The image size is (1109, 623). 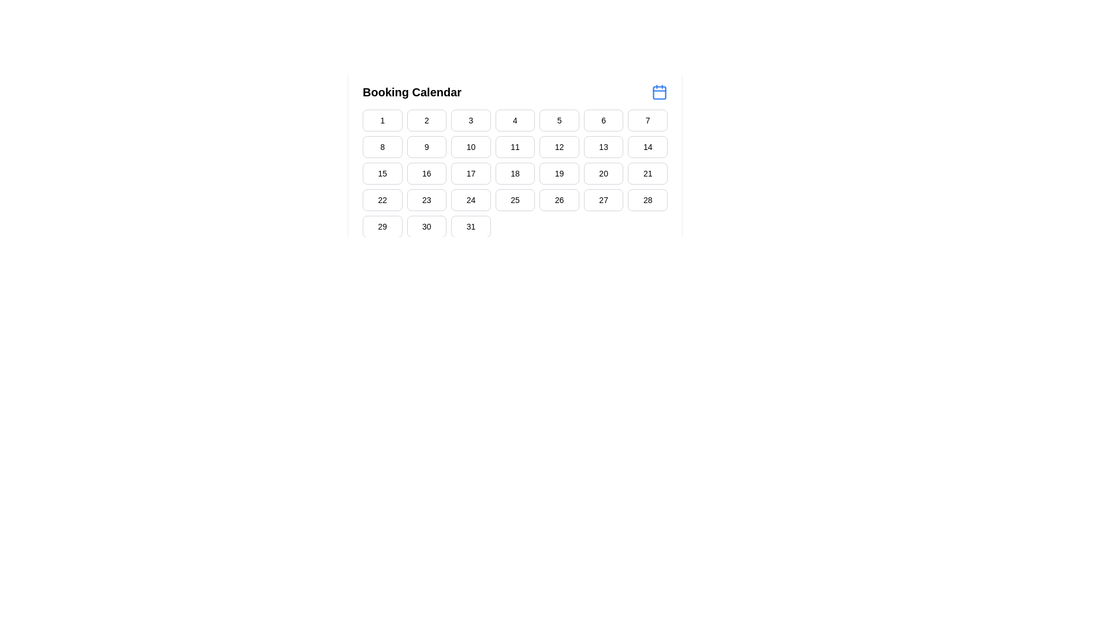 What do you see at coordinates (647, 200) in the screenshot?
I see `the button displaying the number '28' in black at the center, located in the fourth row and seventh item of a calendar-like grid layout` at bounding box center [647, 200].